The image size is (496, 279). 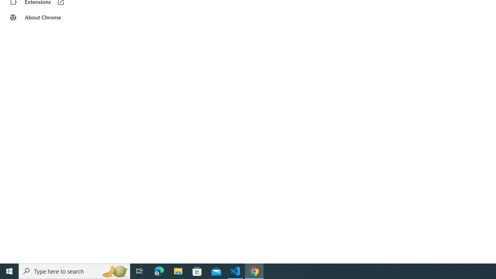 I want to click on 'Start', so click(x=9, y=270).